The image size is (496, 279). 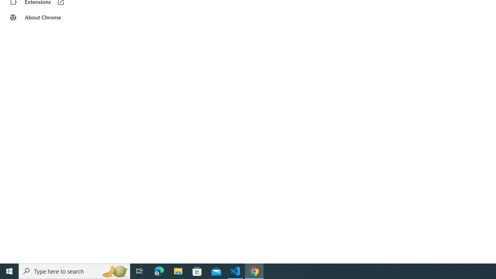 I want to click on 'Start', so click(x=9, y=270).